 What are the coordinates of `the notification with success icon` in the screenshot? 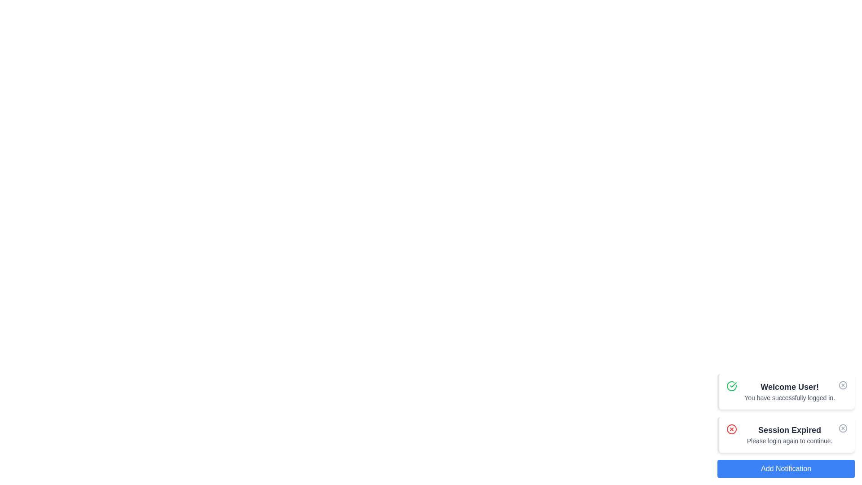 It's located at (732, 386).